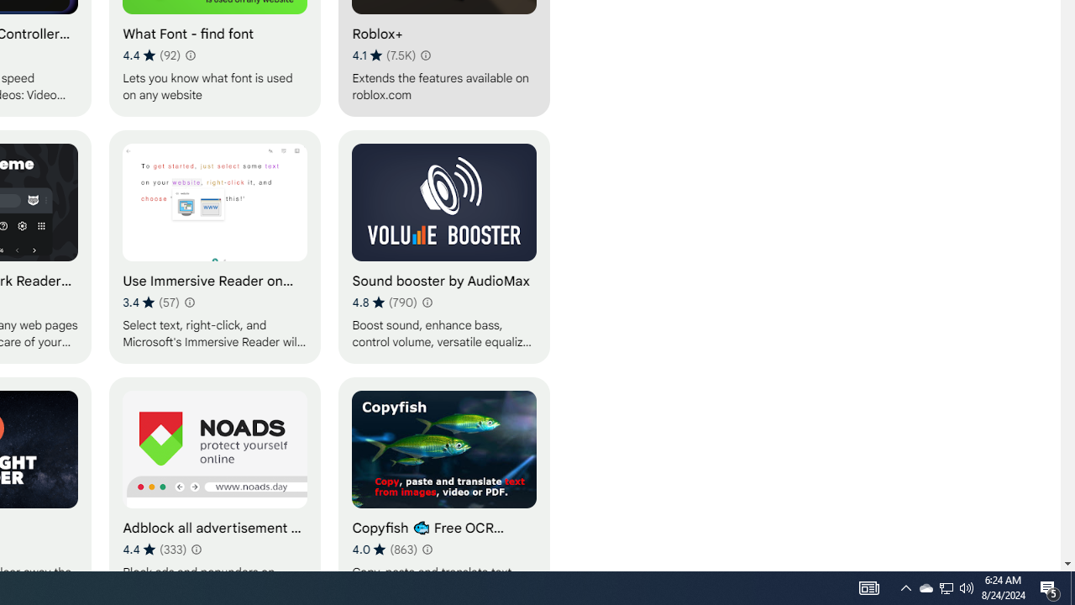  Describe the element at coordinates (384, 549) in the screenshot. I see `'Average rating 4.0 out of 5 stars. 863 ratings.'` at that location.